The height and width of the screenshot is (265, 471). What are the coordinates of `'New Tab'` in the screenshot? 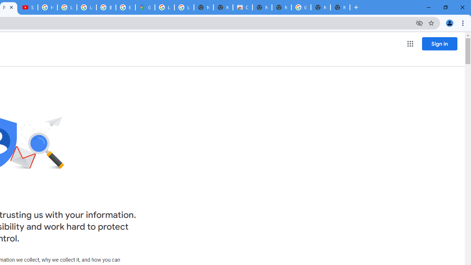 It's located at (340, 7).